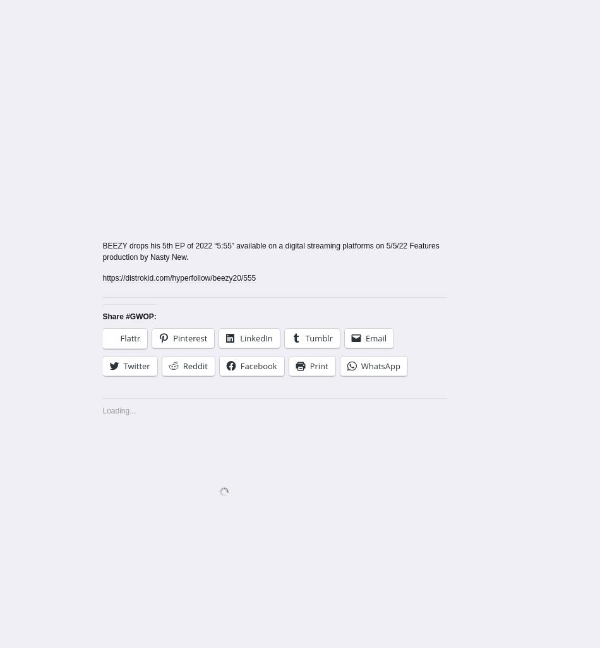 Image resolution: width=600 pixels, height=648 pixels. I want to click on 'BEEZY drops his 5th EP of 2022 “5:55” available on a digital streaming platforms on 5/5/22   Features production by Nasty New.', so click(102, 250).